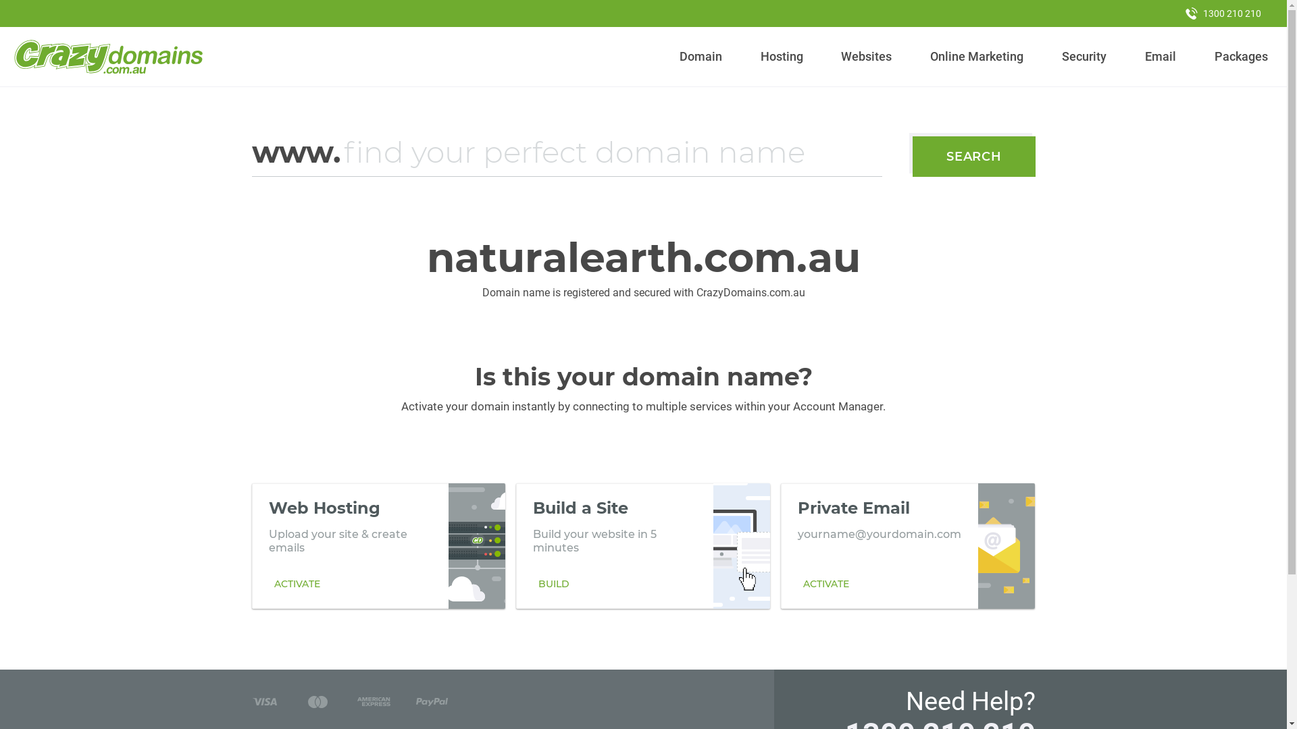 This screenshot has width=1297, height=729. What do you see at coordinates (866, 56) in the screenshot?
I see `'Websites'` at bounding box center [866, 56].